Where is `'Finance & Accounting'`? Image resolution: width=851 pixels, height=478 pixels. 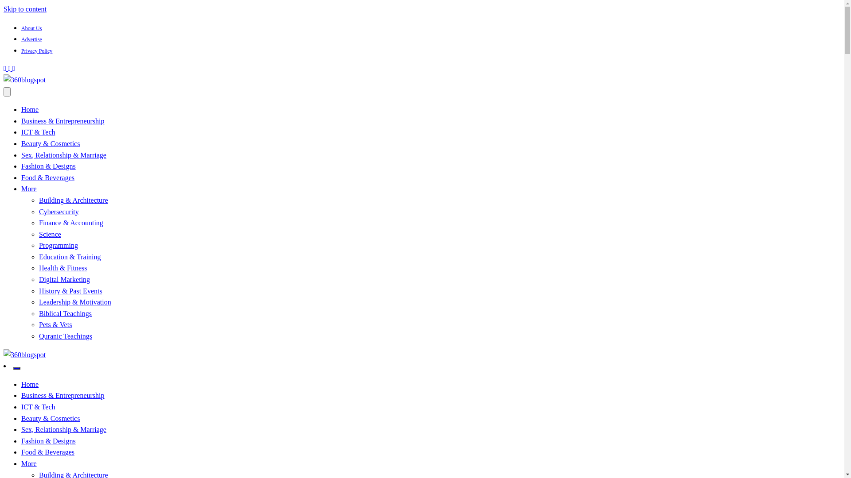
'Finance & Accounting' is located at coordinates (38, 222).